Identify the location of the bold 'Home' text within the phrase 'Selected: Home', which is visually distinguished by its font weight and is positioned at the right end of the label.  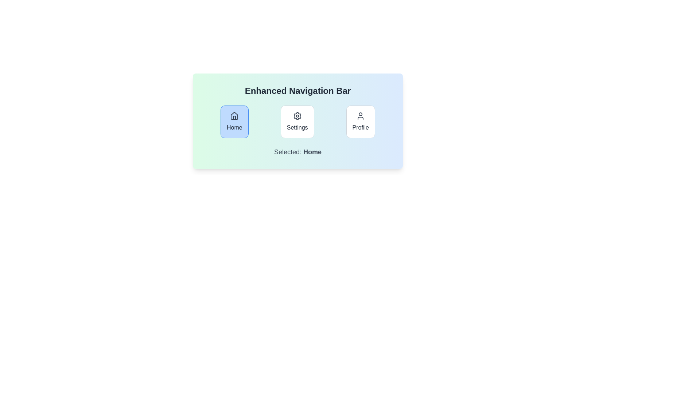
(312, 151).